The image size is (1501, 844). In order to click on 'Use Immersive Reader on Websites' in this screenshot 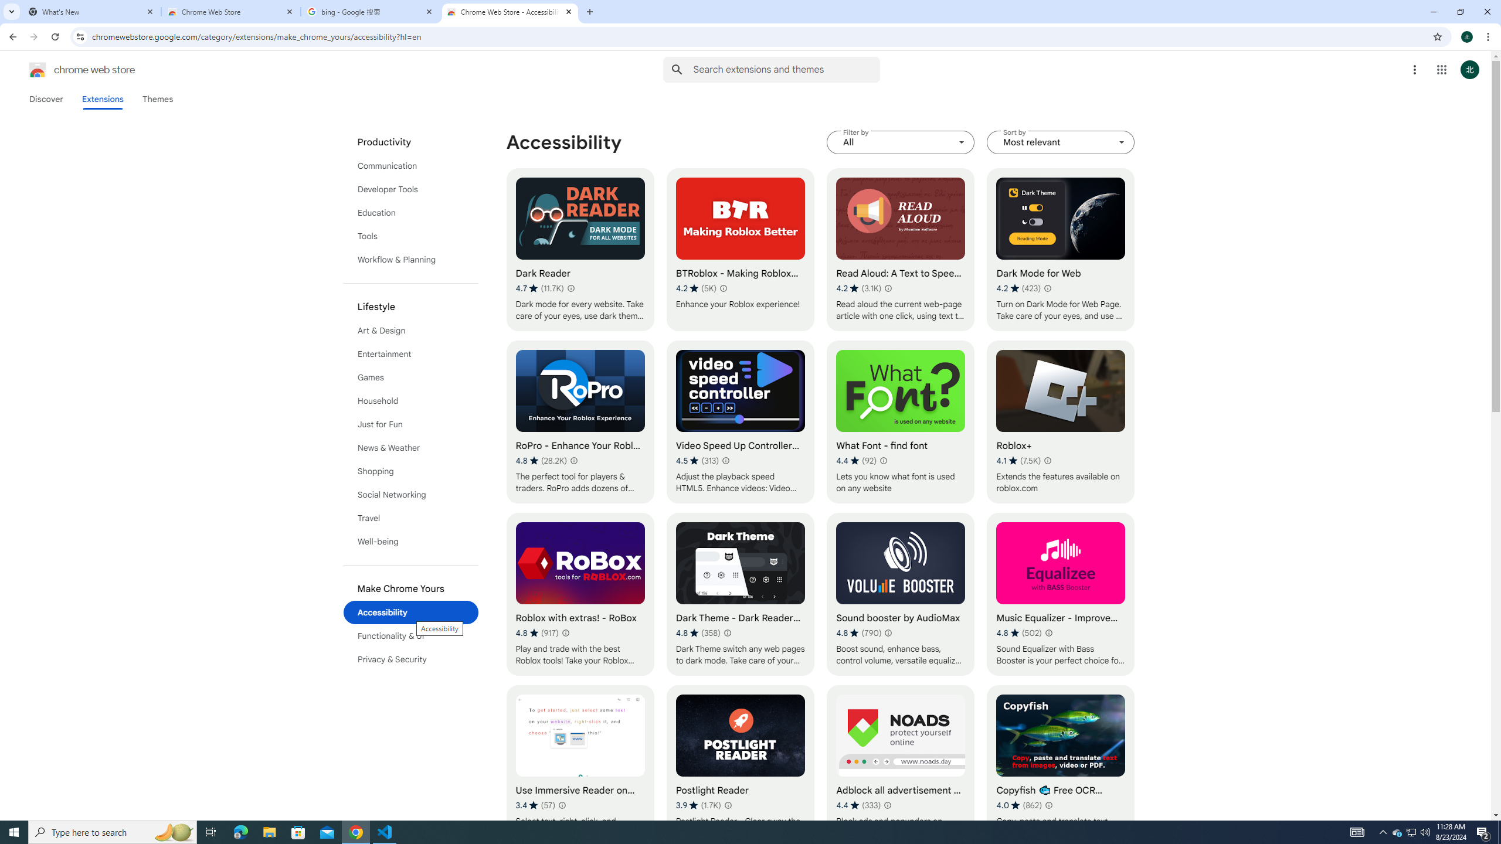, I will do `click(579, 766)`.